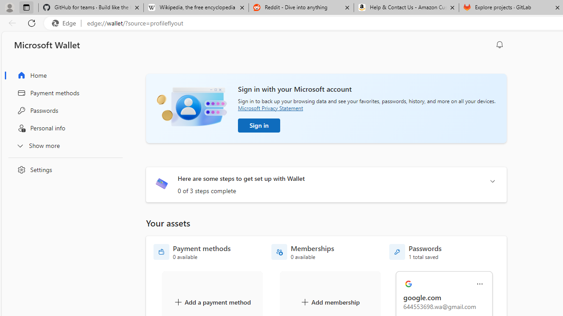 This screenshot has width=563, height=316. Describe the element at coordinates (195, 7) in the screenshot. I see `'Wikipedia, the free encyclopedia'` at that location.